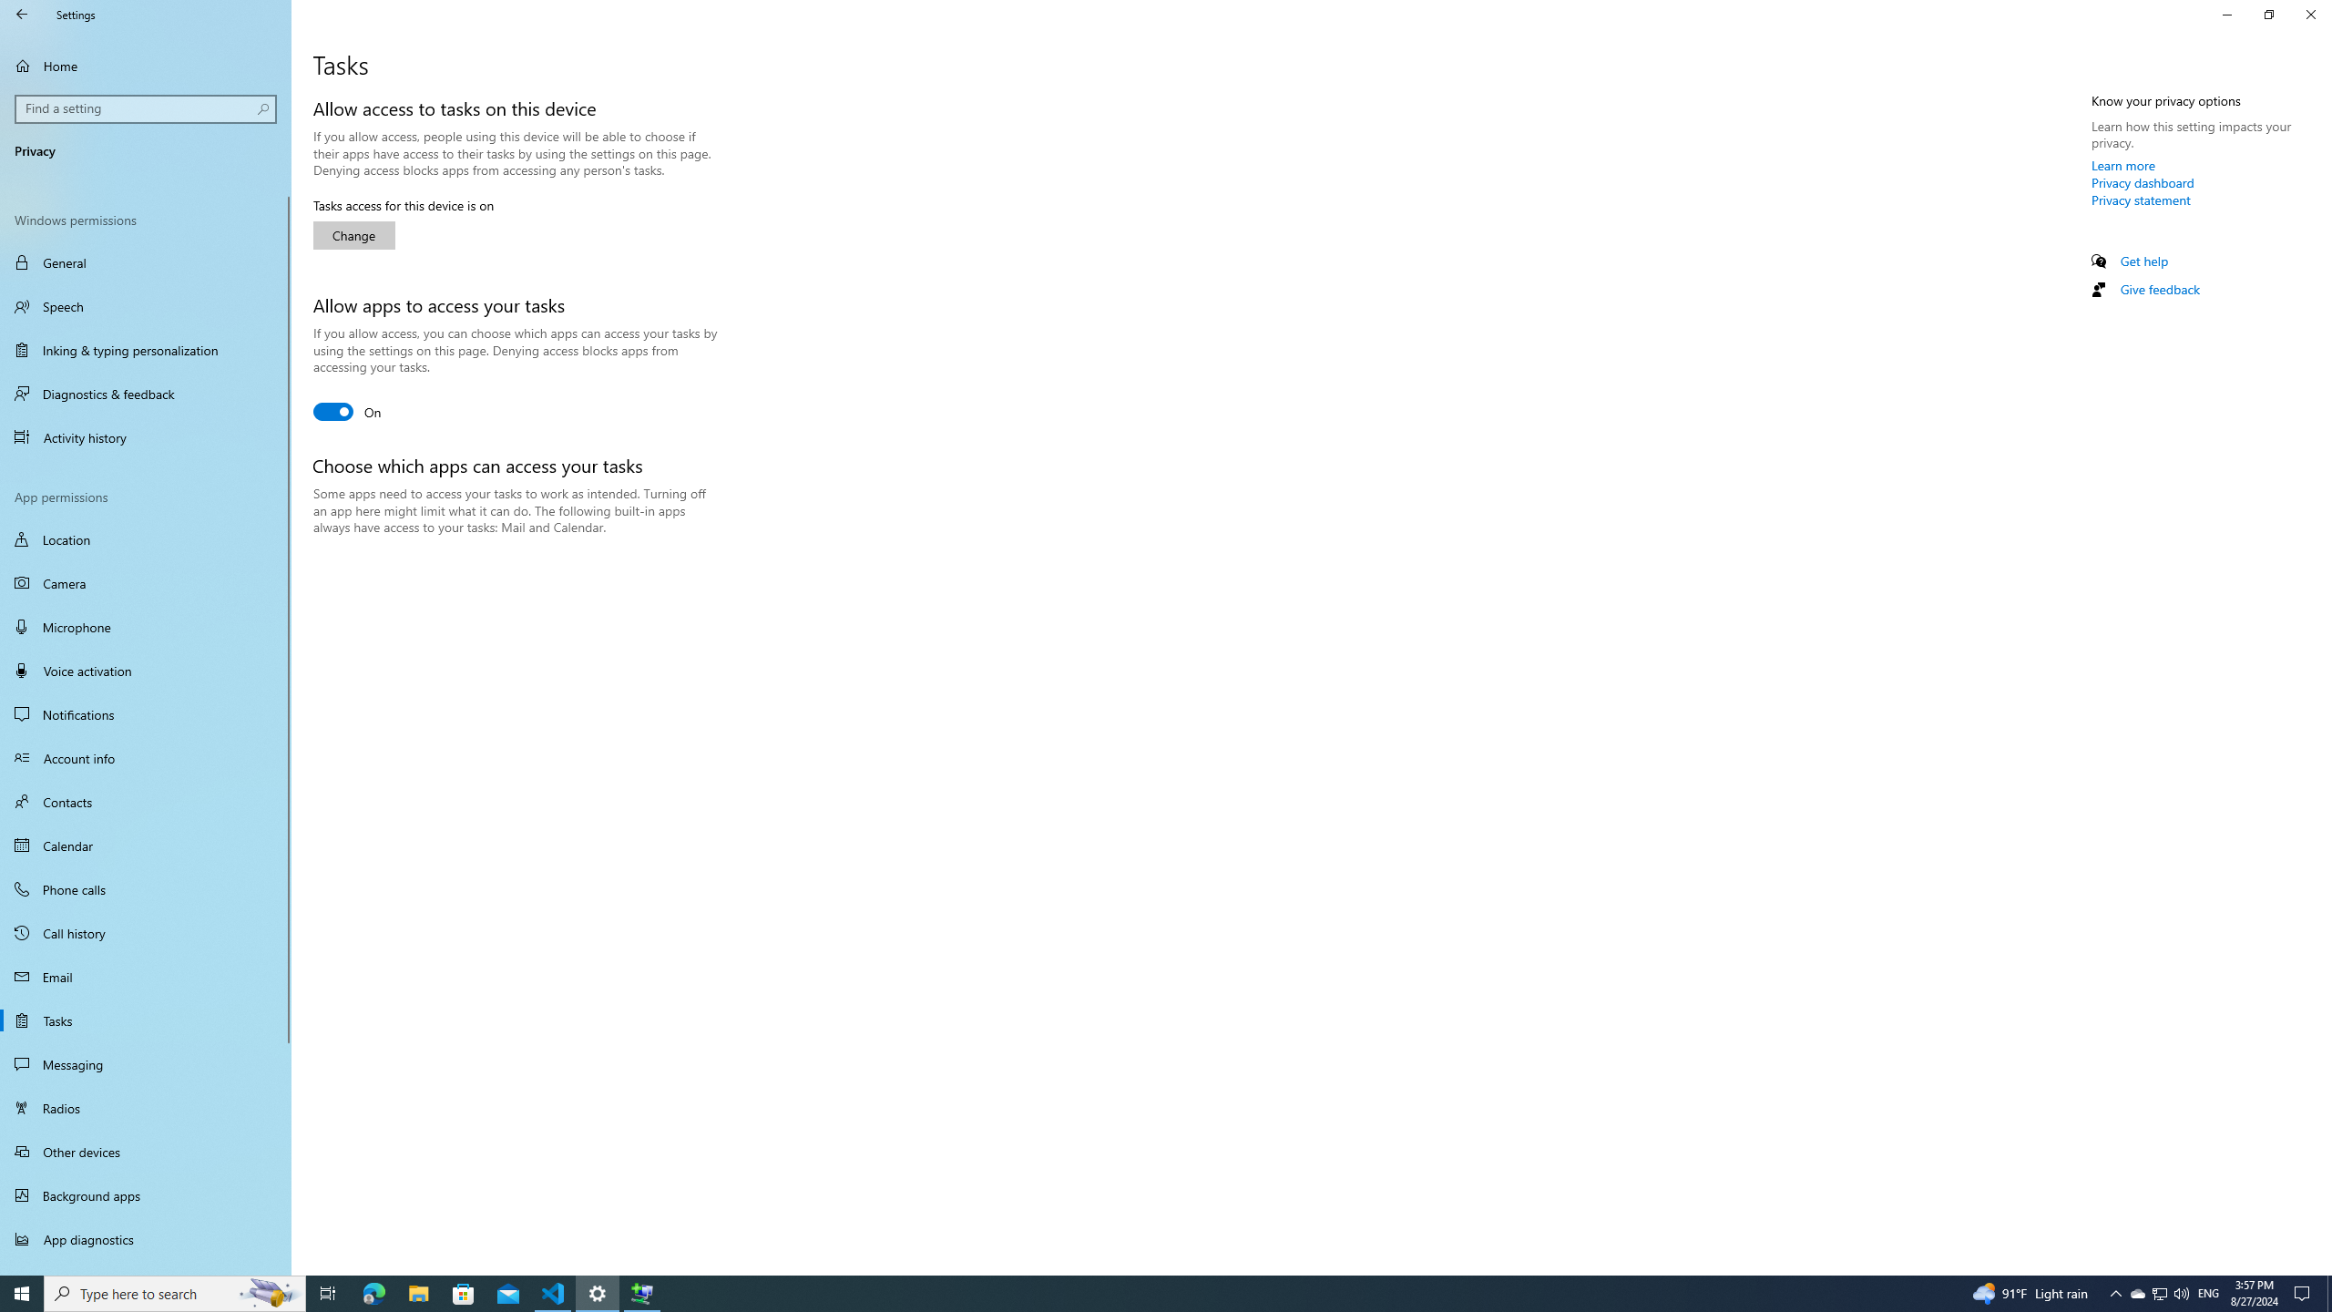  Describe the element at coordinates (145, 1194) in the screenshot. I see `'Background apps'` at that location.